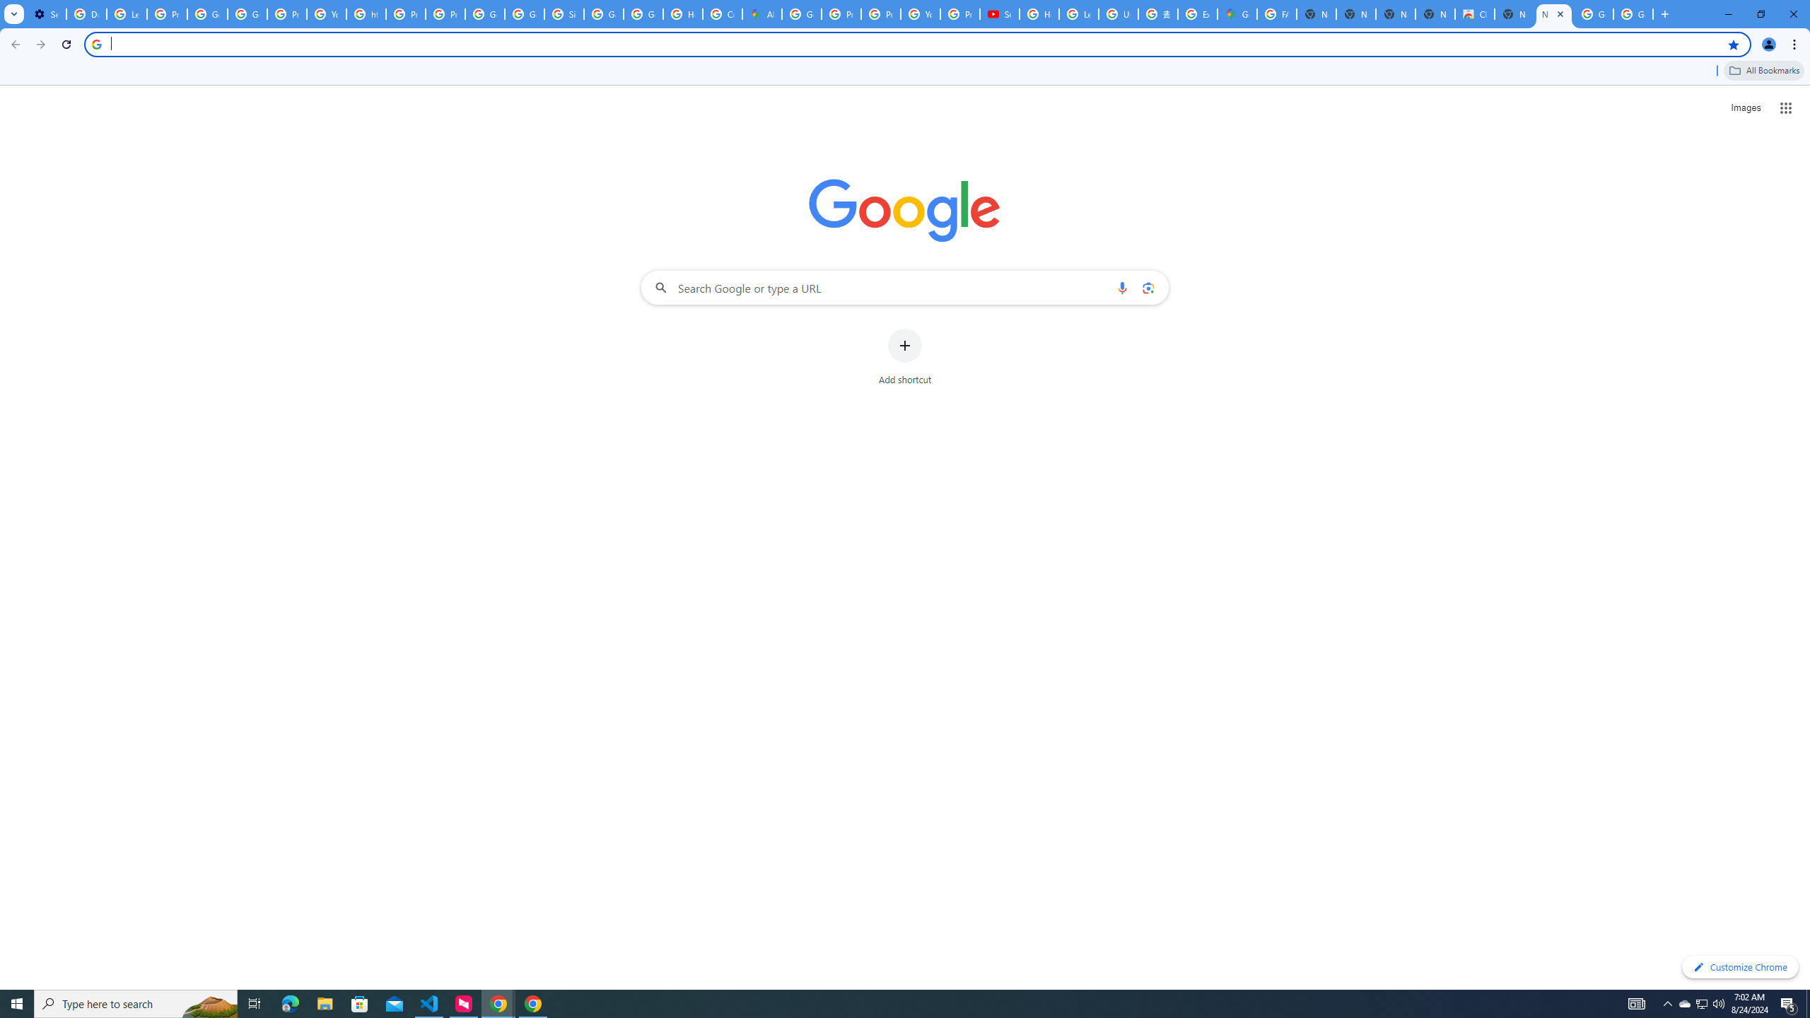  Describe the element at coordinates (1473, 13) in the screenshot. I see `'Chrome Web Store'` at that location.